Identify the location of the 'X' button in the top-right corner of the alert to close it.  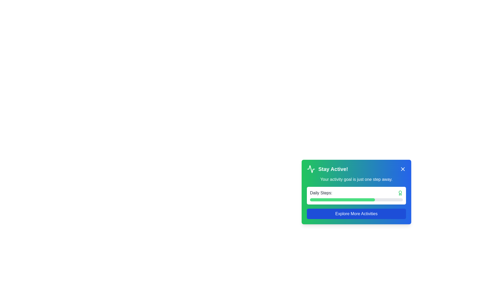
(403, 169).